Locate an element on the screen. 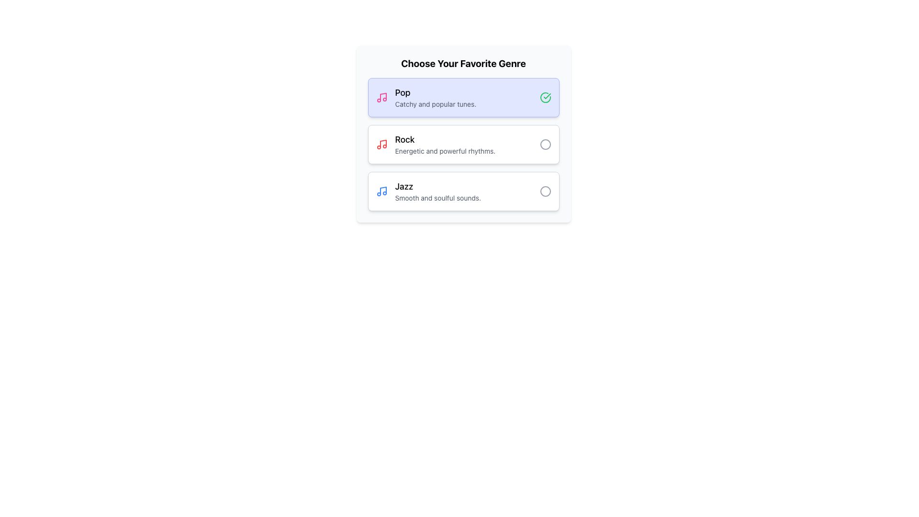 Image resolution: width=919 pixels, height=517 pixels. the 'Rock' option icon, which is represented by a musical note and is the second option in a group of three, located next to the 'Rock' text is located at coordinates (383, 144).